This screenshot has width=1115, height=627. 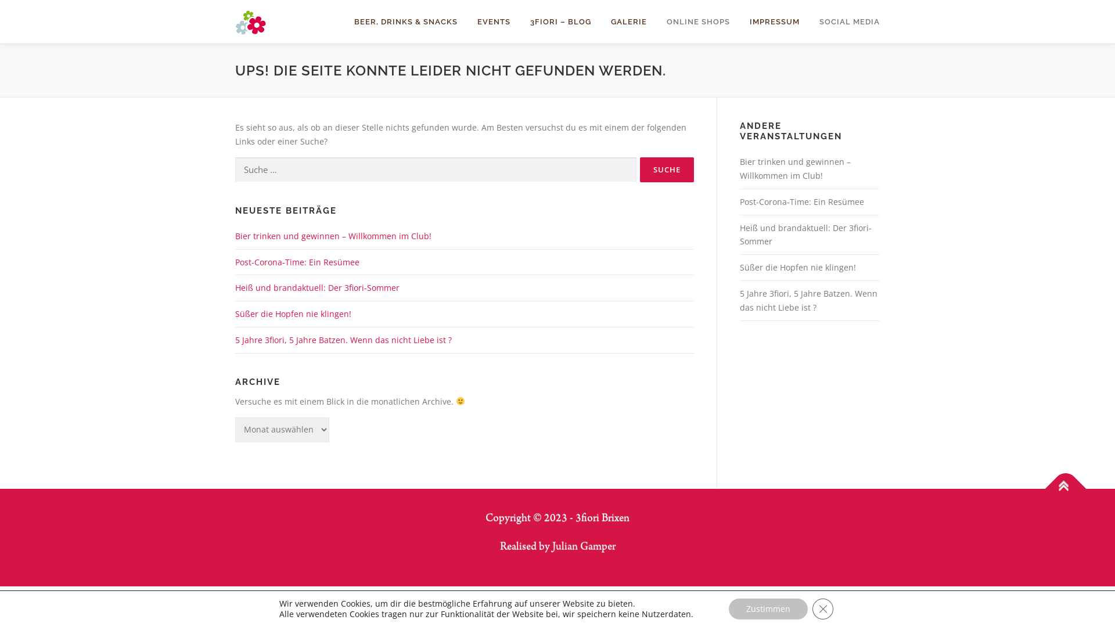 I want to click on '5 Jahre 3fiori, 5 Jahre Batzen. Wenn das nicht Liebe ist ?', so click(x=234, y=340).